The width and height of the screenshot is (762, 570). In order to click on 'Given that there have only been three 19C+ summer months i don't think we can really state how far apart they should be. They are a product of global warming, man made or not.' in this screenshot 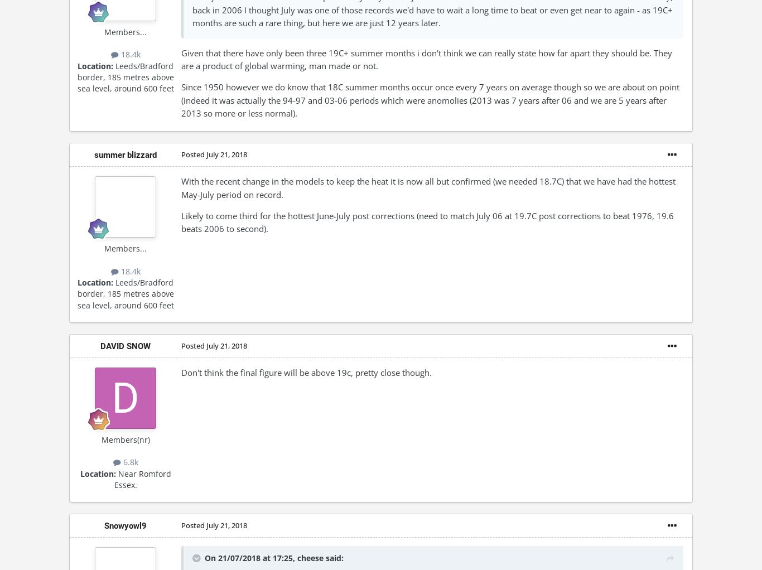, I will do `click(426, 59)`.